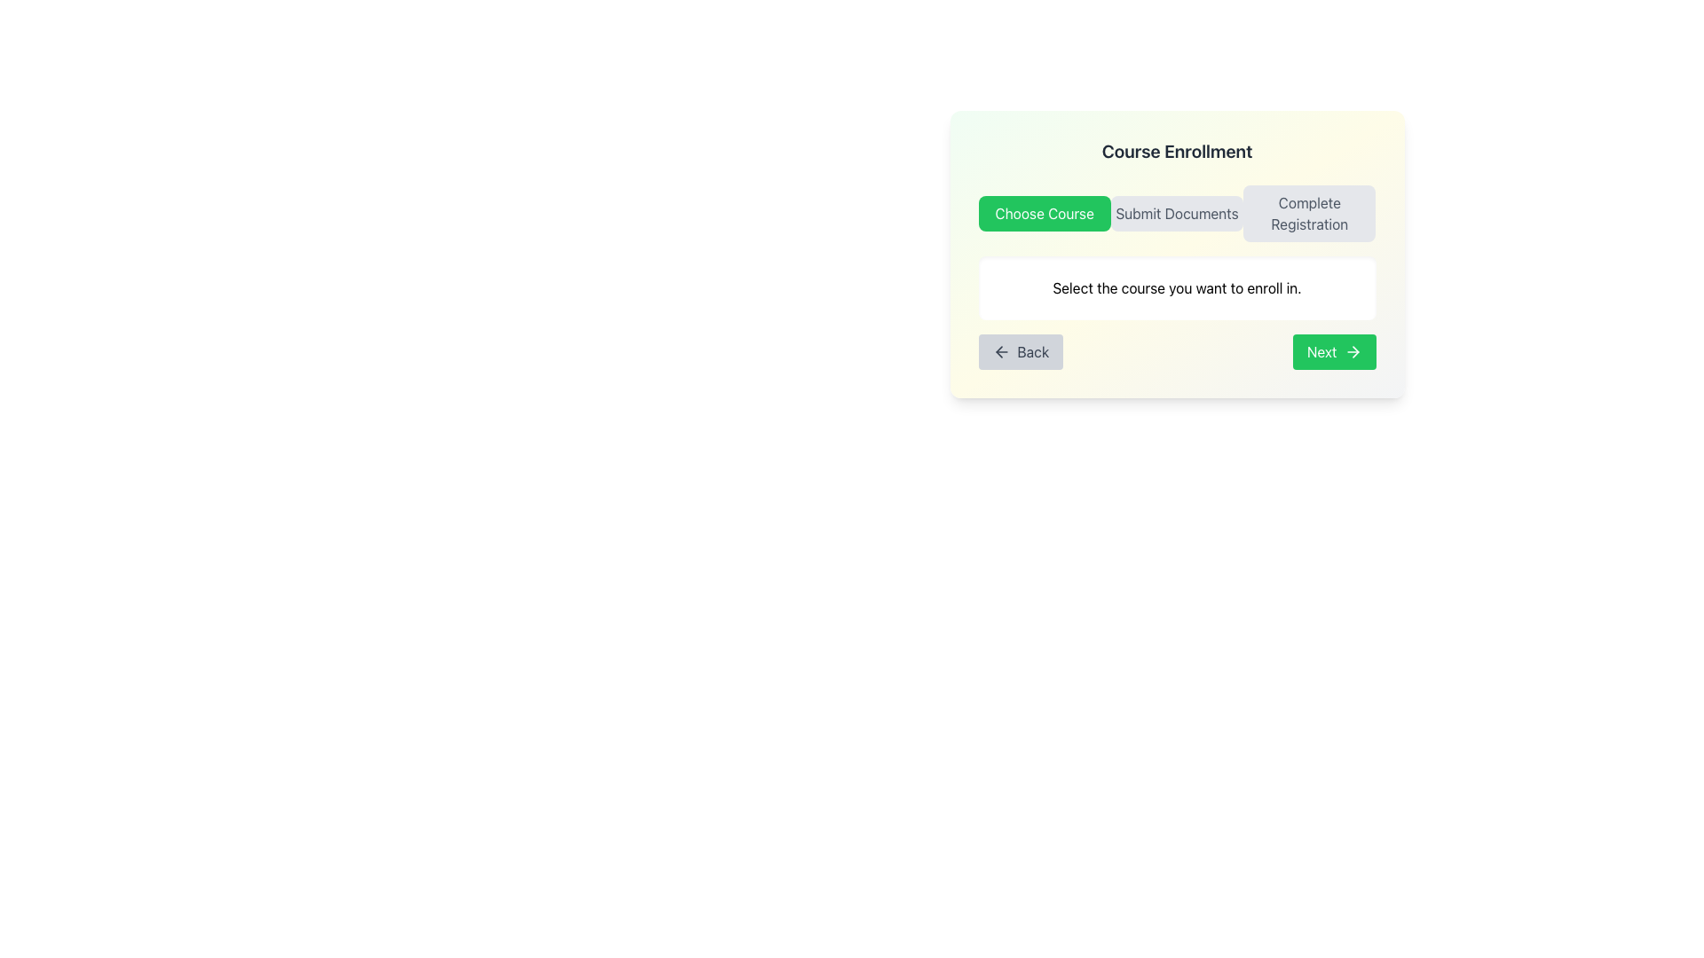 The width and height of the screenshot is (1704, 958). Describe the element at coordinates (1001, 352) in the screenshot. I see `Left Arrow Symbol icon that serves as a visual indicator for the 'Back' button in the Course Enrollment dialog box` at that location.